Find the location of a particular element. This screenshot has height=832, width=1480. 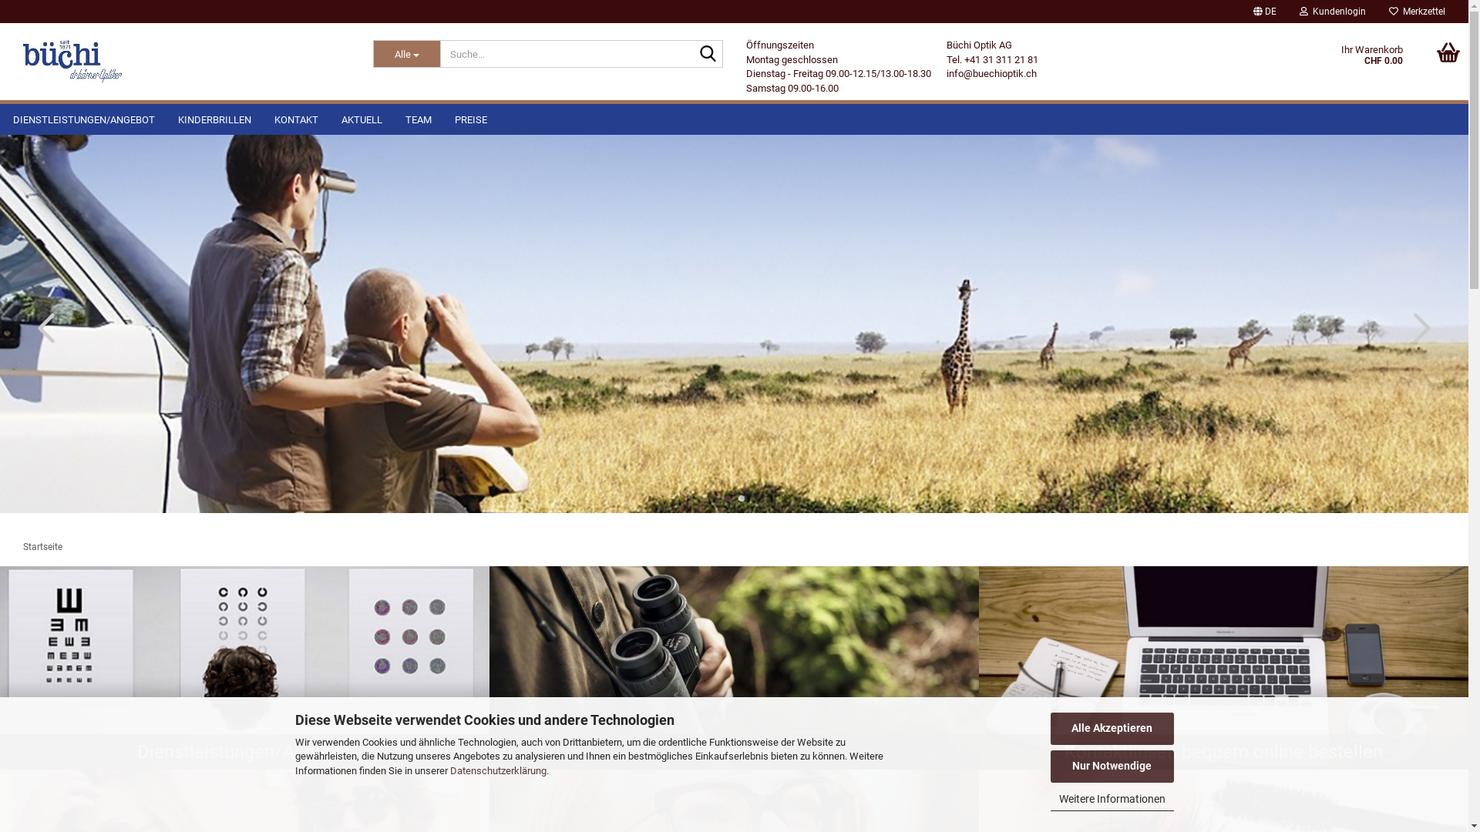

' Merkzettel' is located at coordinates (1417, 12).